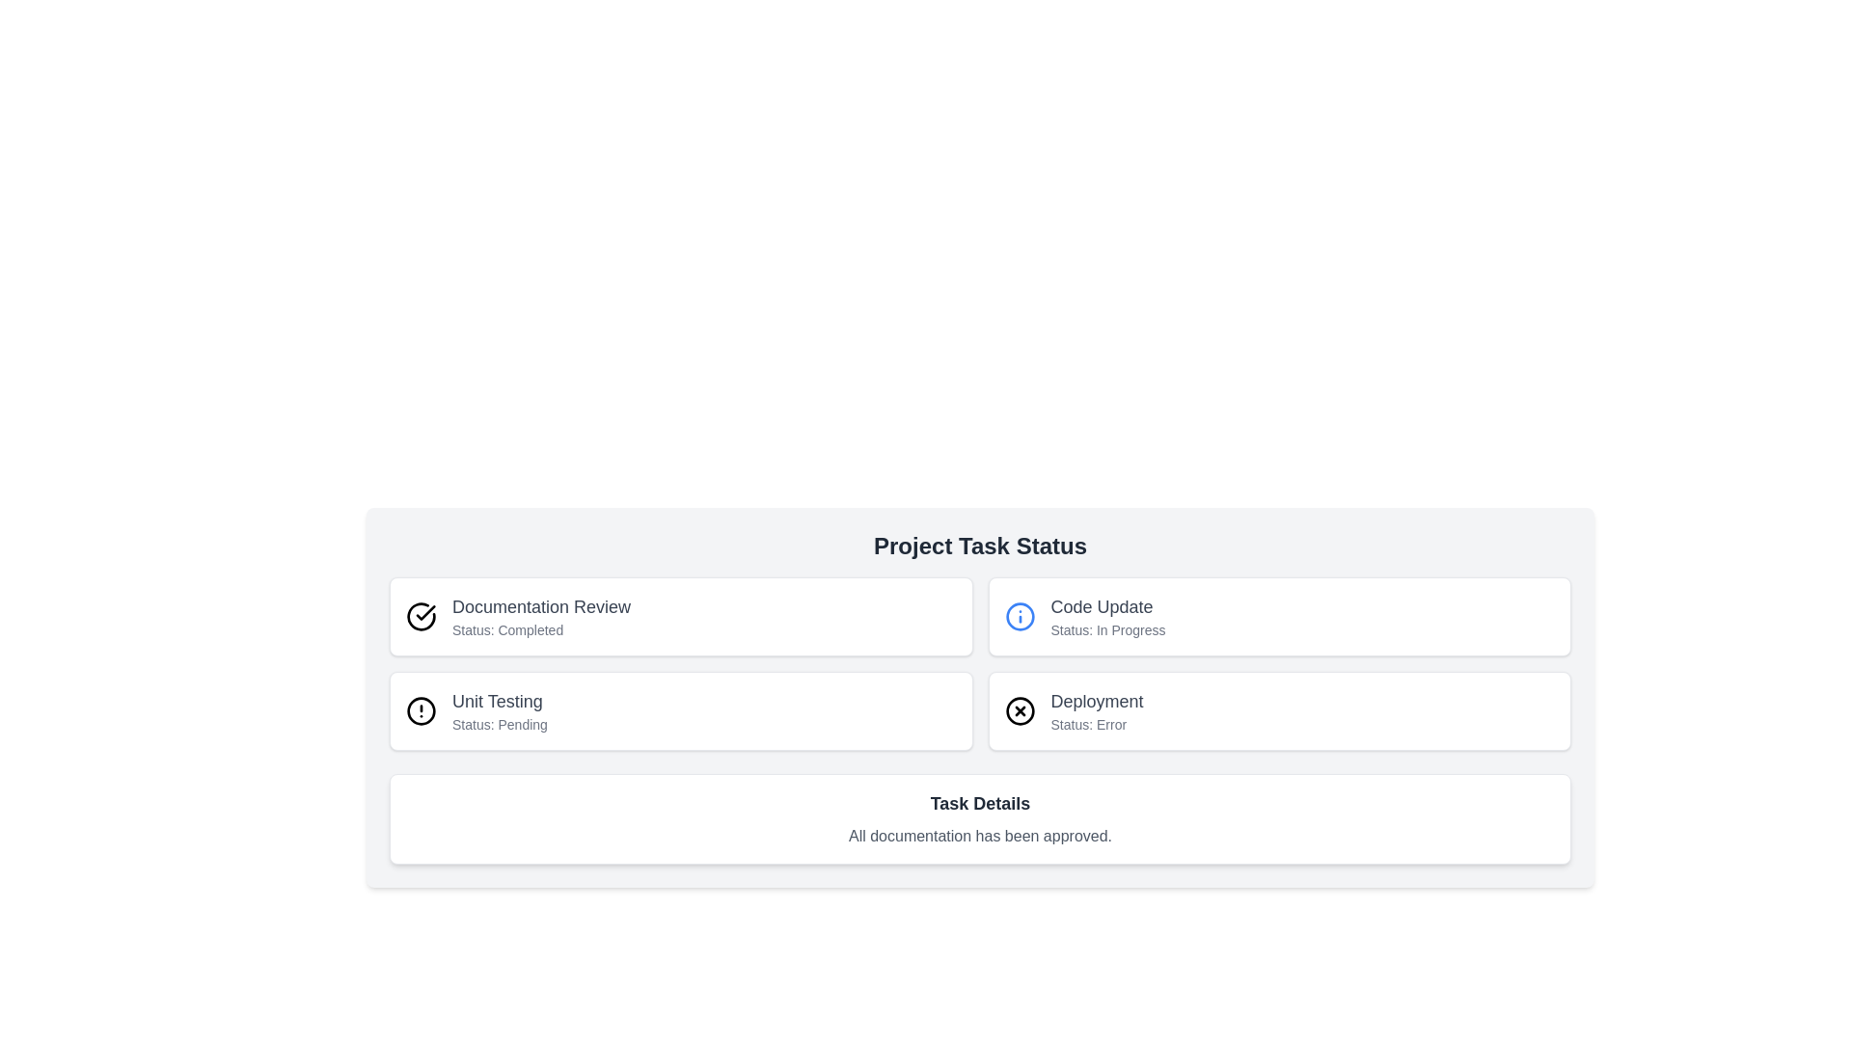 Image resolution: width=1852 pixels, height=1041 pixels. Describe the element at coordinates (980, 547) in the screenshot. I see `the bold header text label reading 'Project Task Status' which is prominently positioned above the task status grid` at that location.